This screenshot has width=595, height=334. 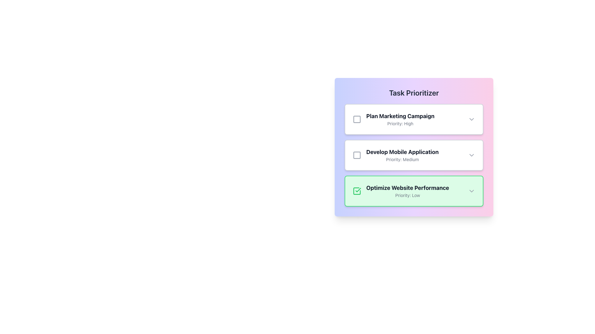 What do you see at coordinates (410, 119) in the screenshot?
I see `the task item titled 'Plan Marketing Campaign'` at bounding box center [410, 119].